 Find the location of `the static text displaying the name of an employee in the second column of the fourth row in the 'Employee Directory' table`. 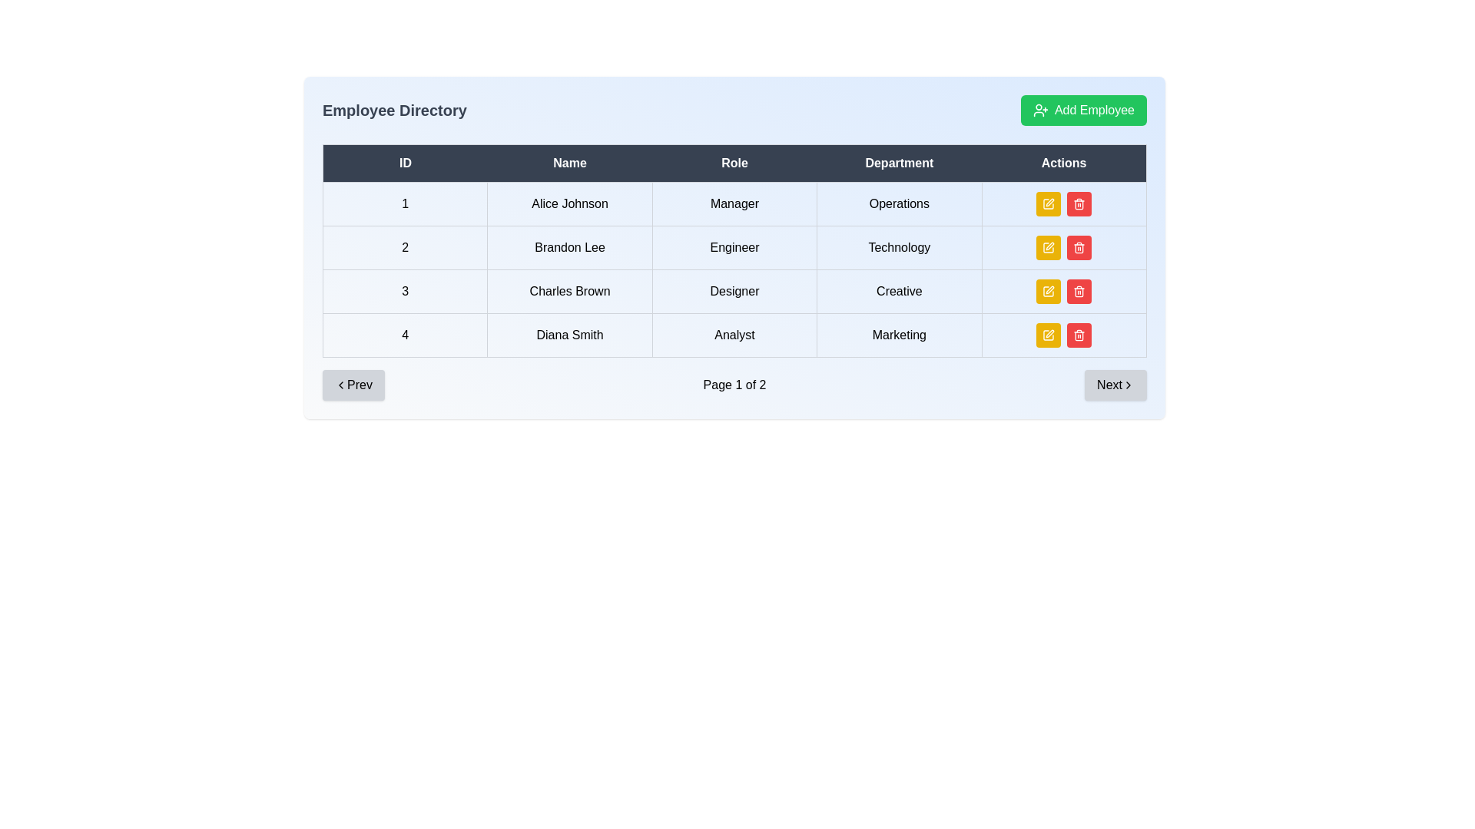

the static text displaying the name of an employee in the second column of the fourth row in the 'Employee Directory' table is located at coordinates (569, 334).